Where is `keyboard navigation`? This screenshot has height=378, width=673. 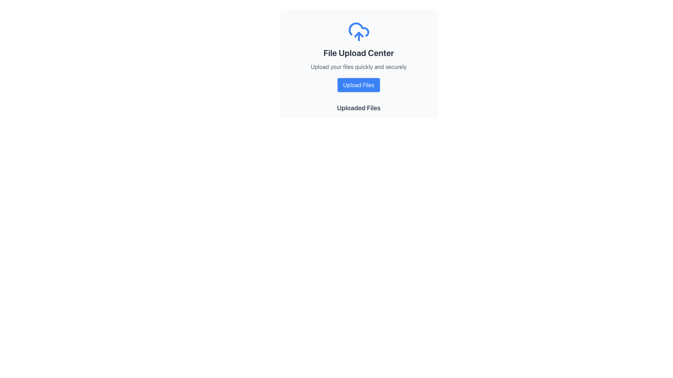 keyboard navigation is located at coordinates (359, 85).